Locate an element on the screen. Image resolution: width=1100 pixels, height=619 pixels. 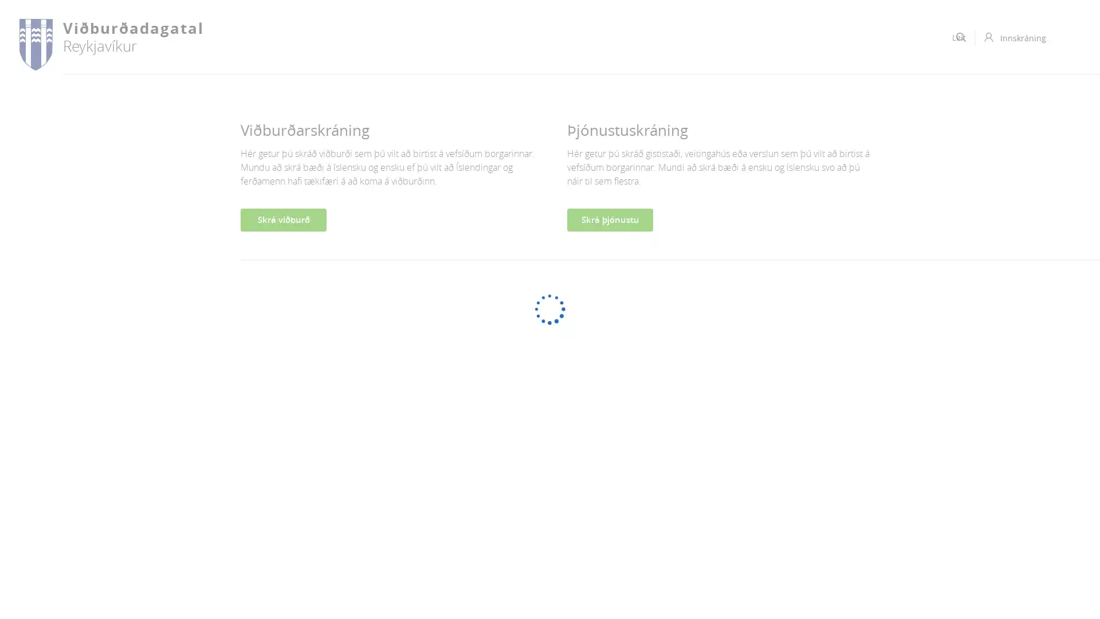
Skra vibur is located at coordinates (283, 220).